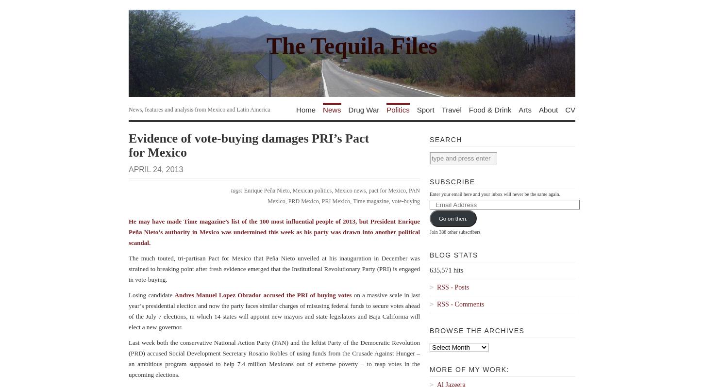 Image resolution: width=704 pixels, height=387 pixels. Describe the element at coordinates (452, 218) in the screenshot. I see `'Go on then.'` at that location.